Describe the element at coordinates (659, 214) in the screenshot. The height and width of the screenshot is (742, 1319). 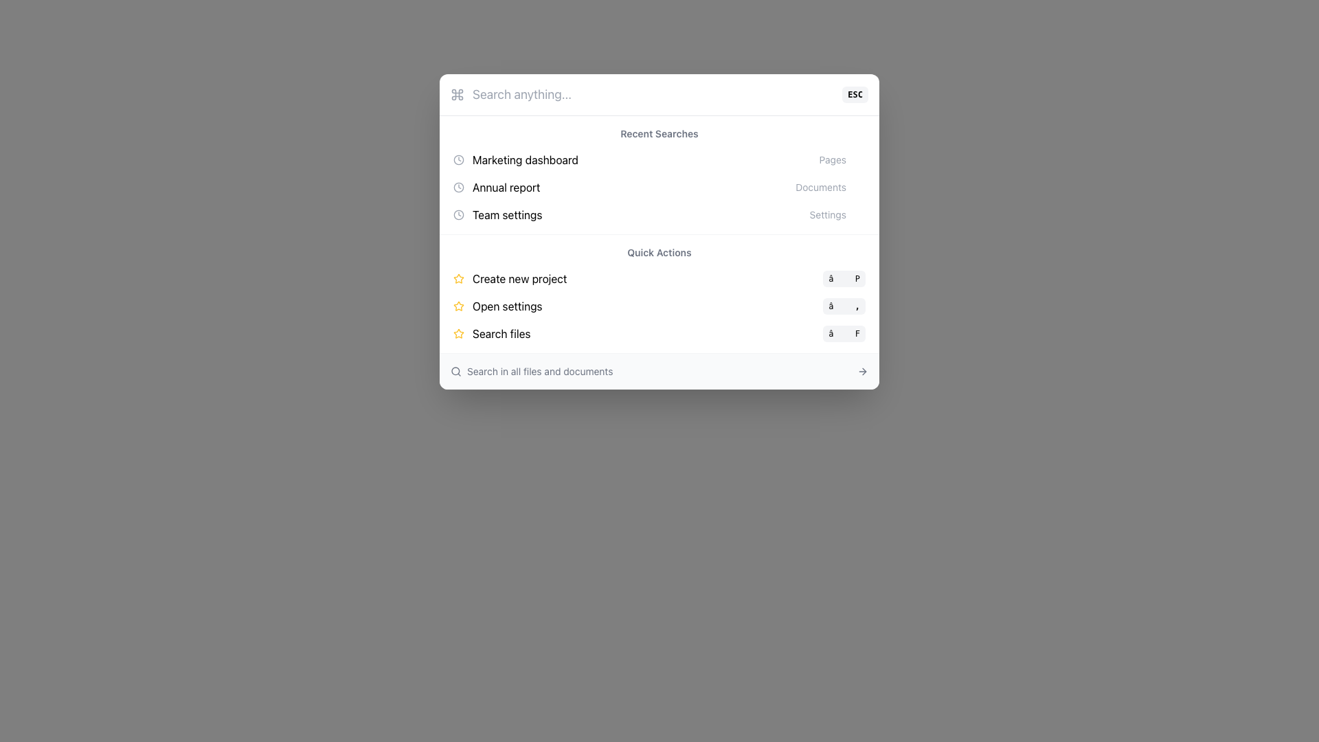
I see `the button located in the Recent Searches section, which is the last item following 'Marketing dashboard' and 'Annual report'` at that location.